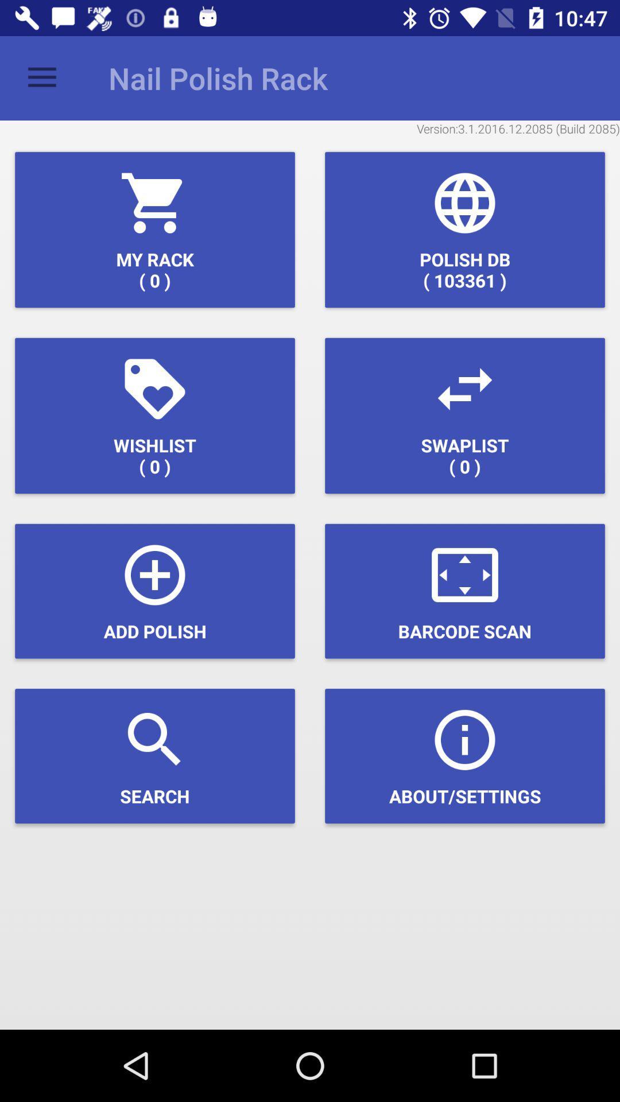 This screenshot has height=1102, width=620. I want to click on icon below add polish icon, so click(155, 756).